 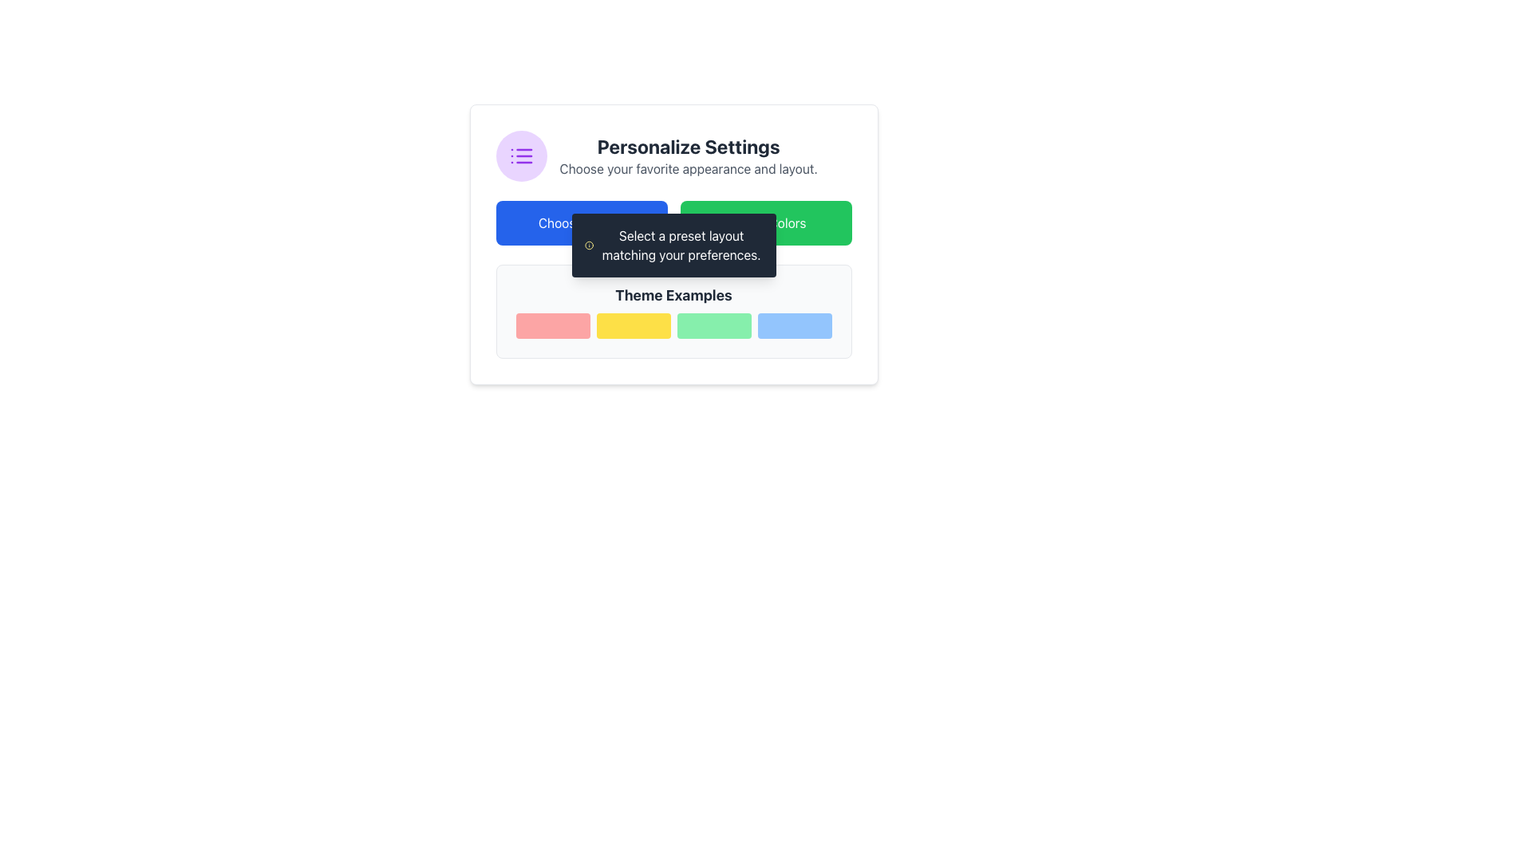 What do you see at coordinates (632, 324) in the screenshot?
I see `the decorative or placeholder element that serves as a selectable theme example in the UI customization section, located in the grid layout under 'Theme Examples'` at bounding box center [632, 324].